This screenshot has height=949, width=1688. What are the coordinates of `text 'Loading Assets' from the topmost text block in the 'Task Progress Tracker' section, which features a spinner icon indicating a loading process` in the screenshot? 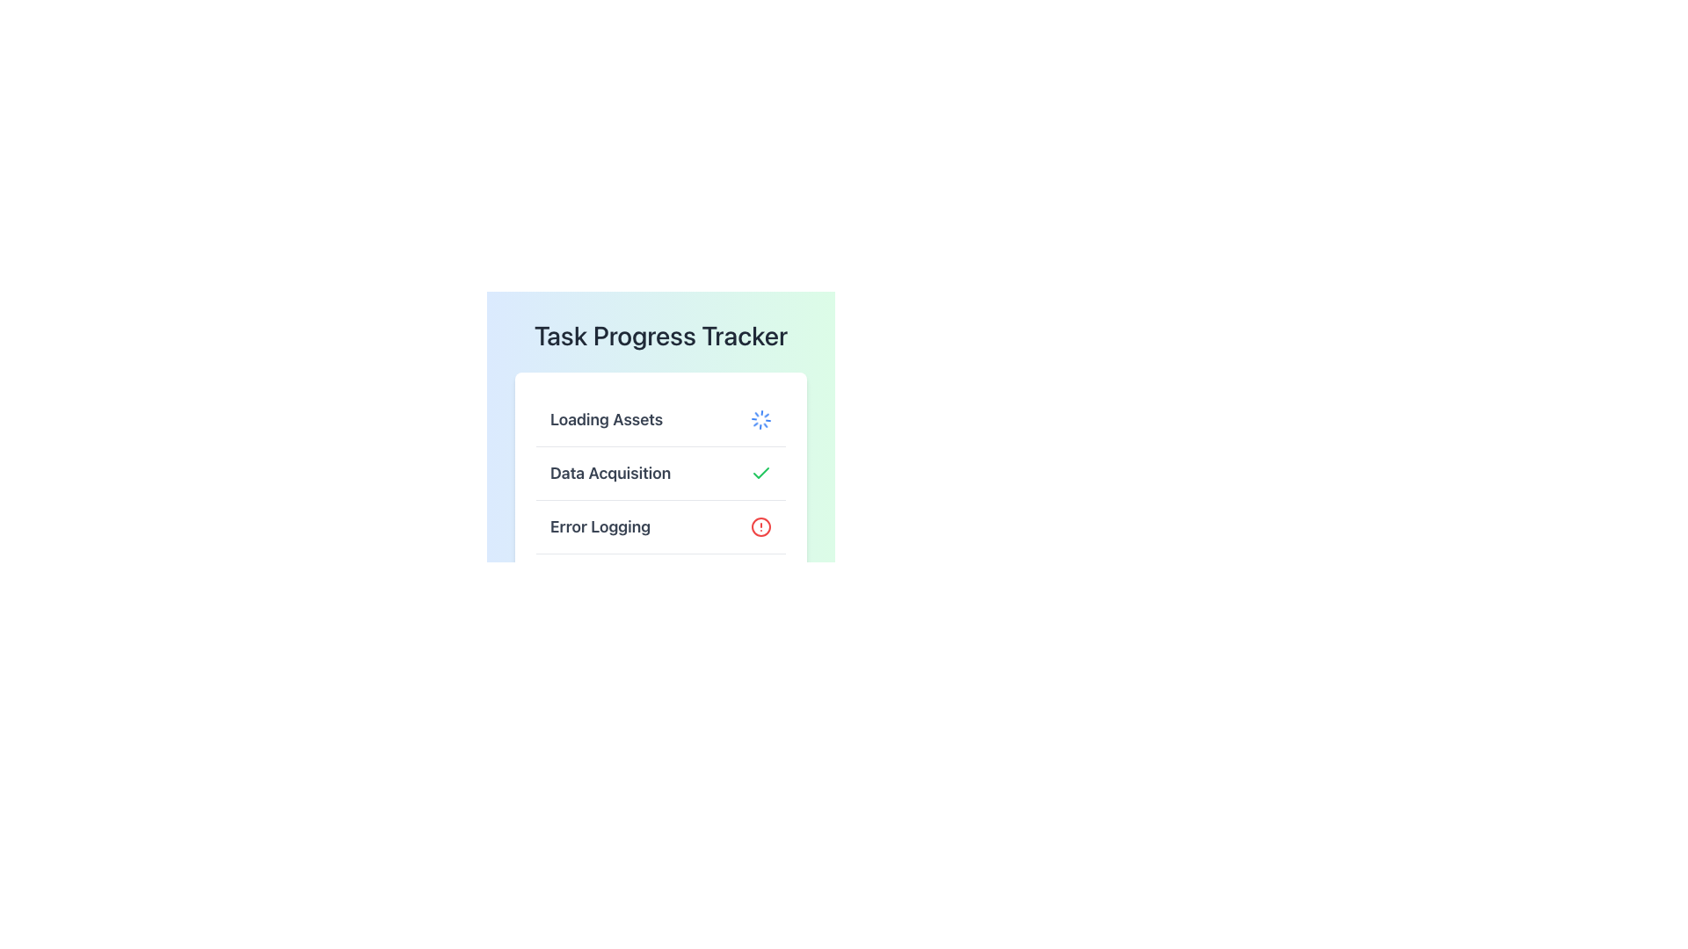 It's located at (660, 420).